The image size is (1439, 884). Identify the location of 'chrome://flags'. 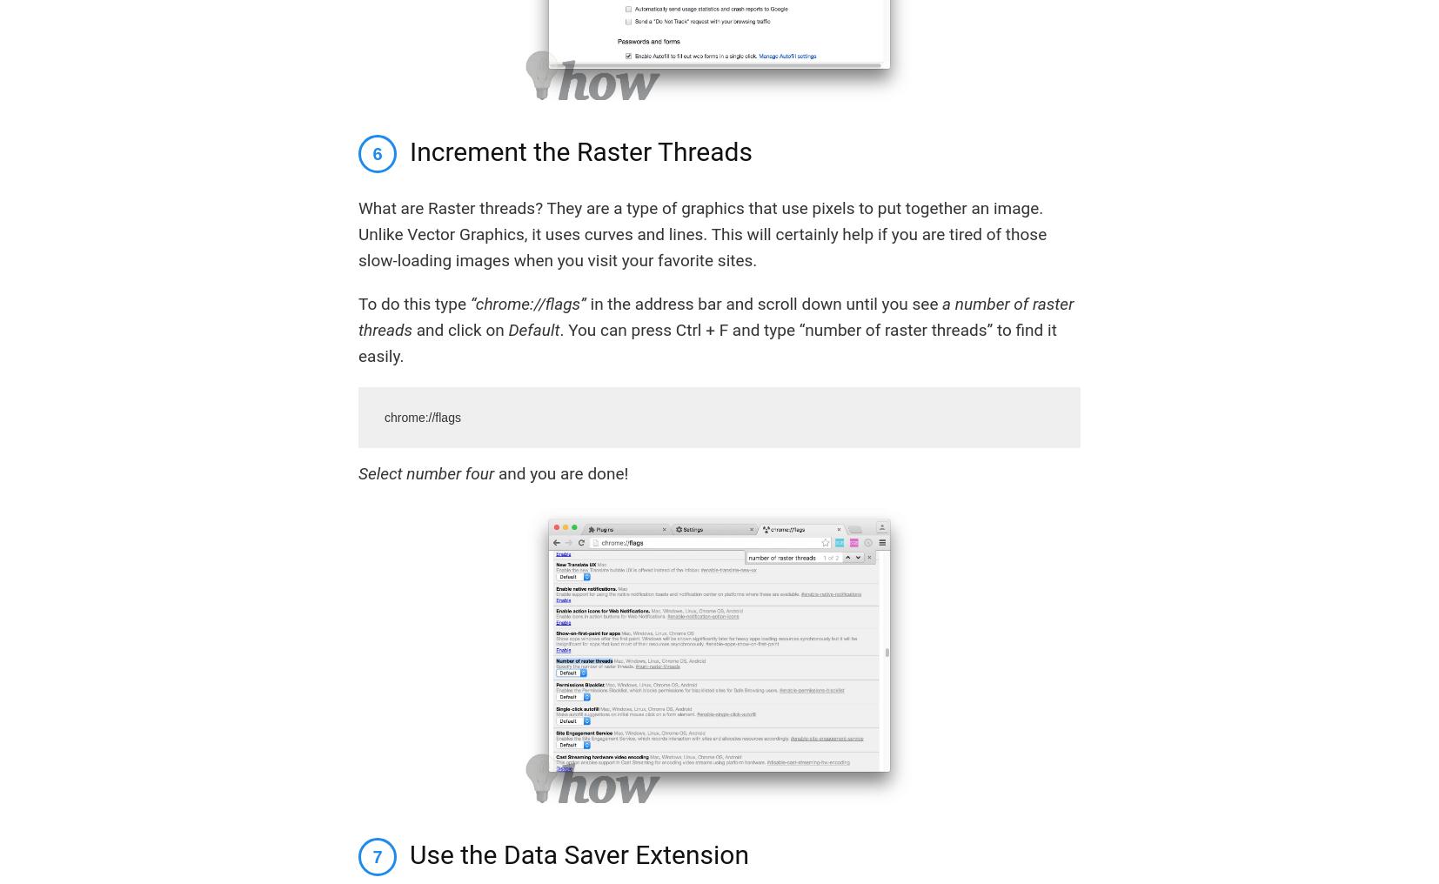
(422, 417).